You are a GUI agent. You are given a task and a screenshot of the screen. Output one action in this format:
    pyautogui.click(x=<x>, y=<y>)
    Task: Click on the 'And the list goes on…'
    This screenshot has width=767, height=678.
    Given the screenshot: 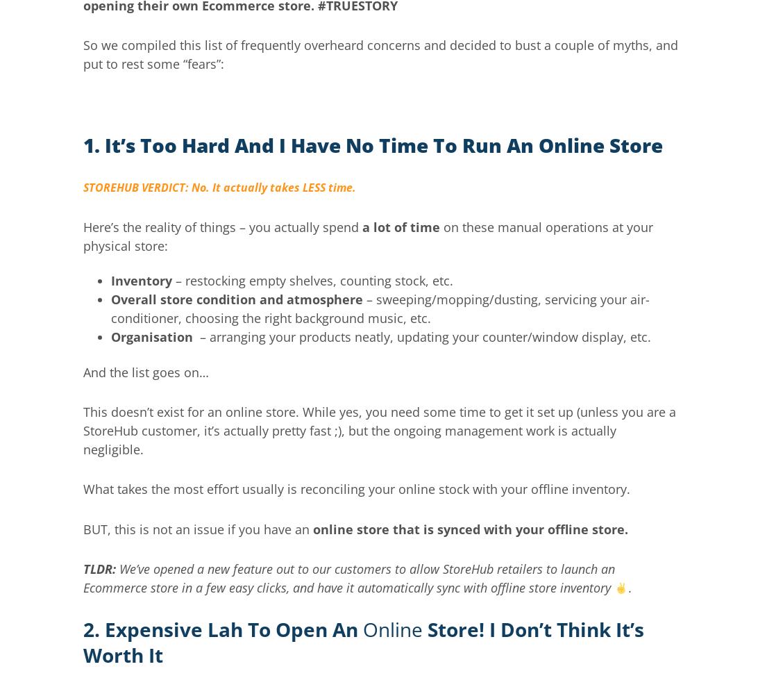 What is the action you would take?
    pyautogui.click(x=145, y=372)
    